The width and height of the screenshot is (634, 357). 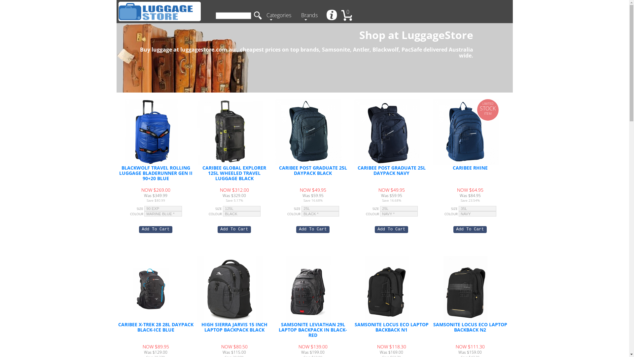 What do you see at coordinates (233, 15) in the screenshot?
I see `'Product Search'` at bounding box center [233, 15].